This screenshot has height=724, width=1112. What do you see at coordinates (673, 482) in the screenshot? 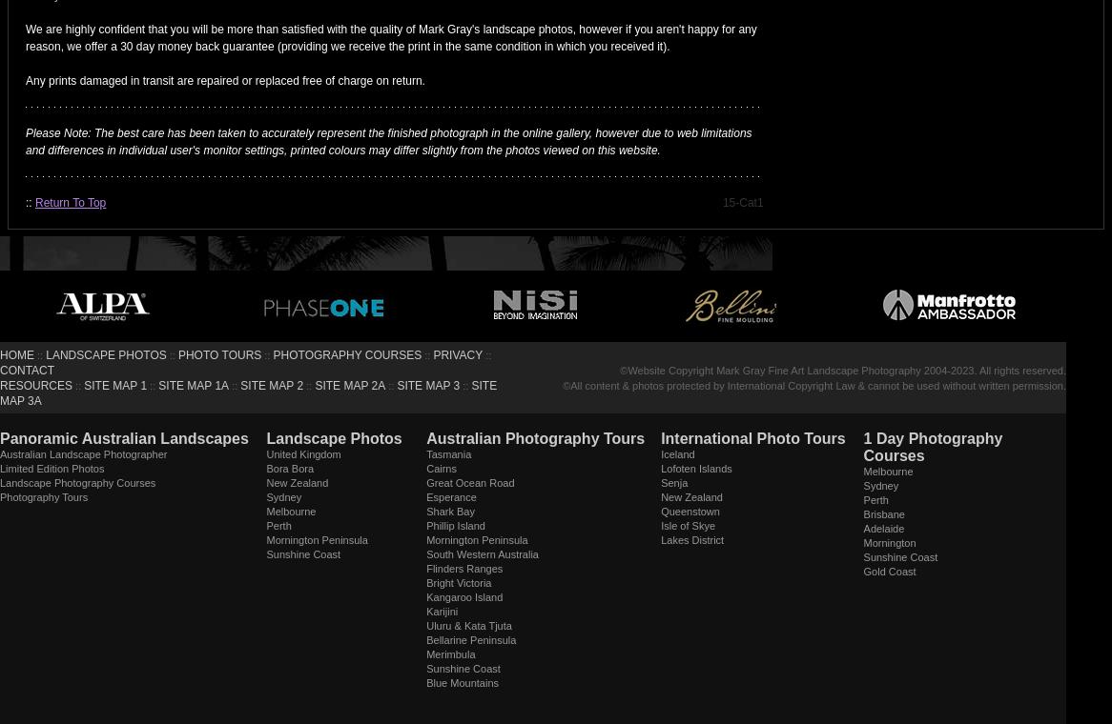
I see `'Senja'` at bounding box center [673, 482].